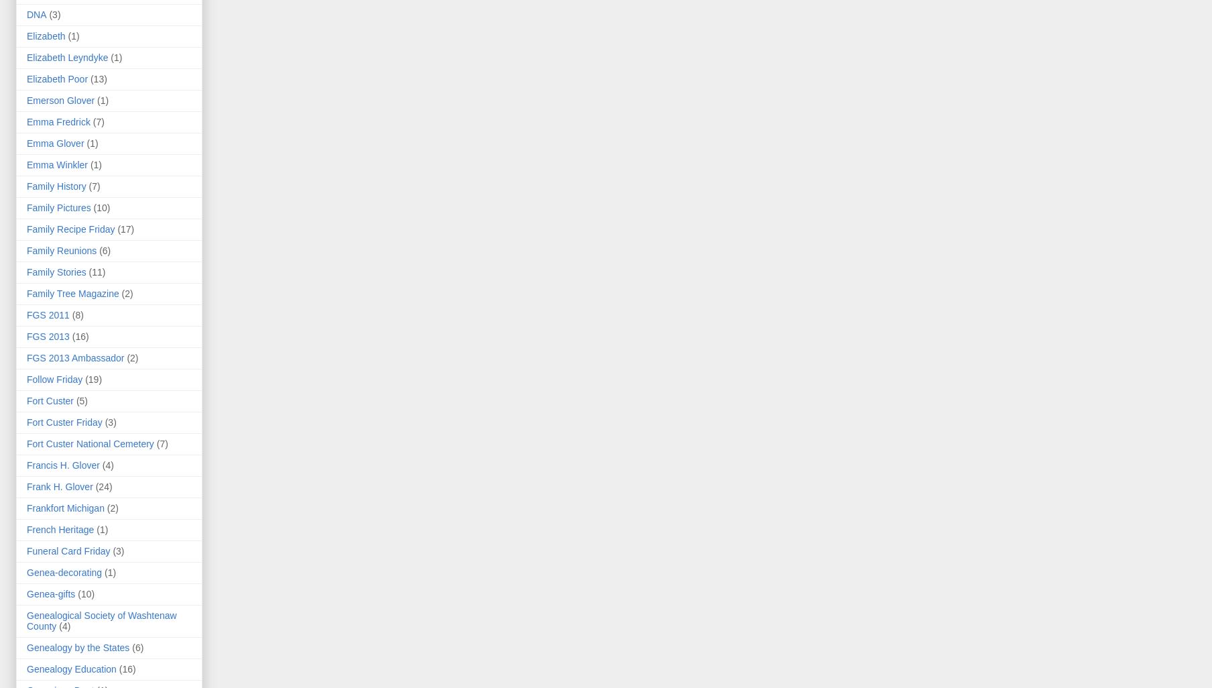 This screenshot has height=688, width=1212. Describe the element at coordinates (54, 144) in the screenshot. I see `'Emma Glover'` at that location.